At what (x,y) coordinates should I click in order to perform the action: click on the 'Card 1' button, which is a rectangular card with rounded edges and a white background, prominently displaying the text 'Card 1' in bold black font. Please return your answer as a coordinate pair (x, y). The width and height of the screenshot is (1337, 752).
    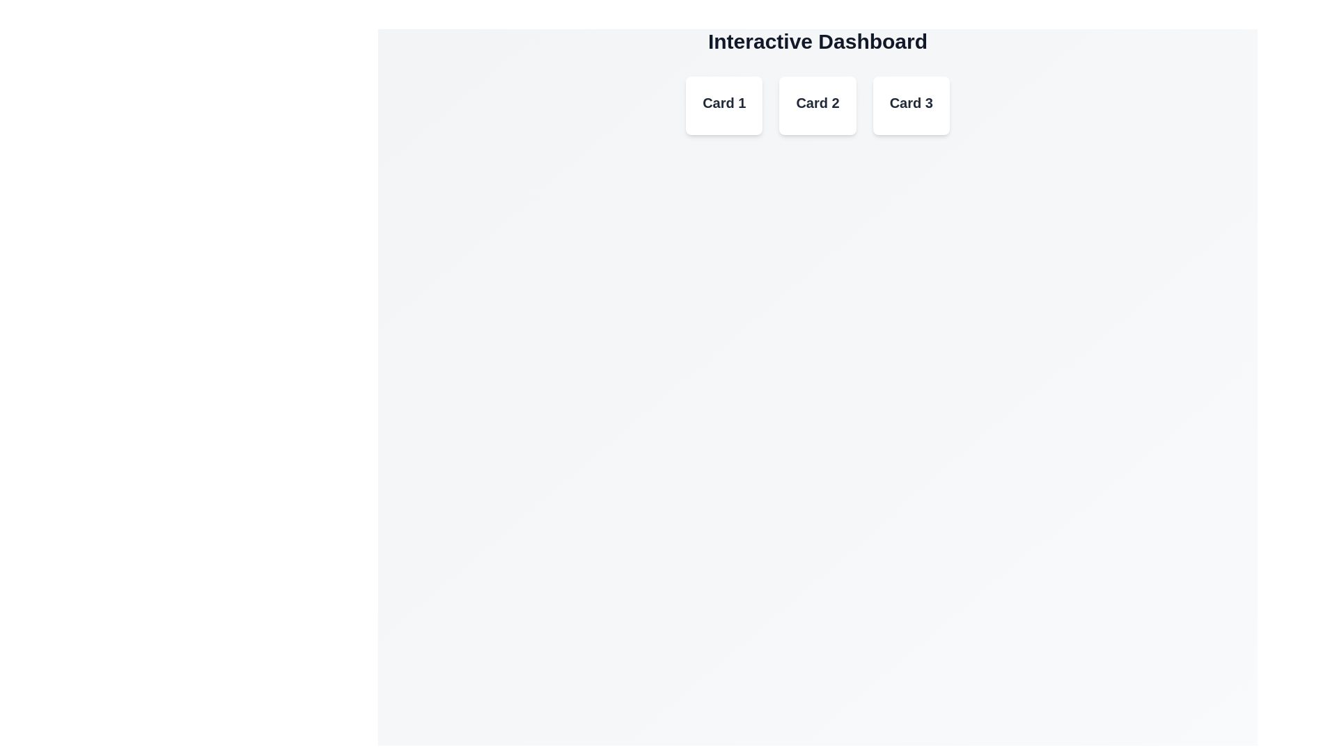
    Looking at the image, I should click on (724, 104).